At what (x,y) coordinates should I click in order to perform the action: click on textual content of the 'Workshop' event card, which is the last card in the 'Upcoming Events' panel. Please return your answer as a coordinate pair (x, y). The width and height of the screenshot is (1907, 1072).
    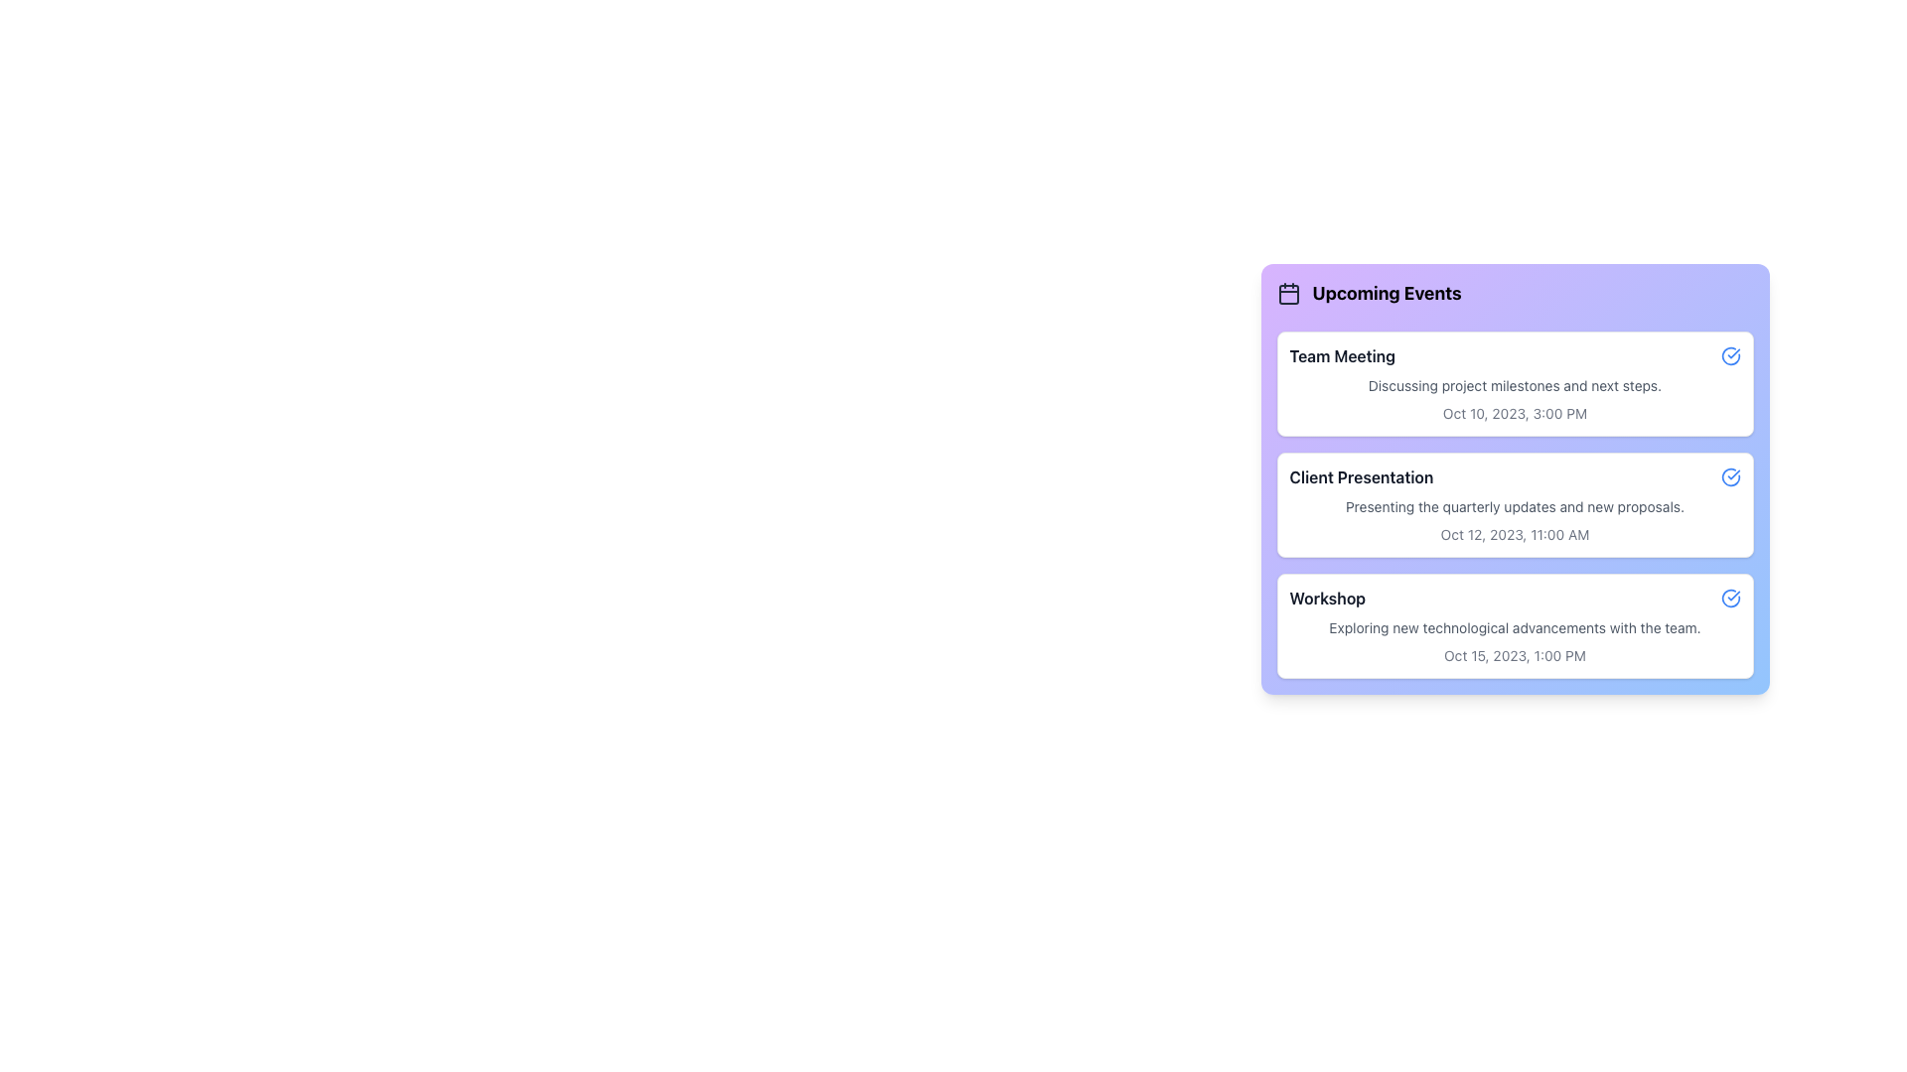
    Looking at the image, I should click on (1514, 626).